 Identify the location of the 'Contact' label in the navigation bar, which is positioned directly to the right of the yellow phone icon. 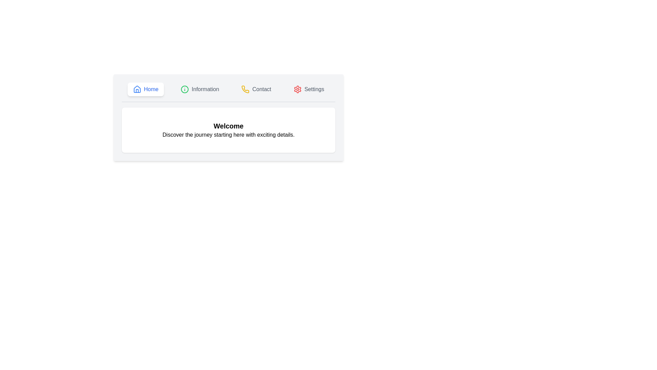
(261, 89).